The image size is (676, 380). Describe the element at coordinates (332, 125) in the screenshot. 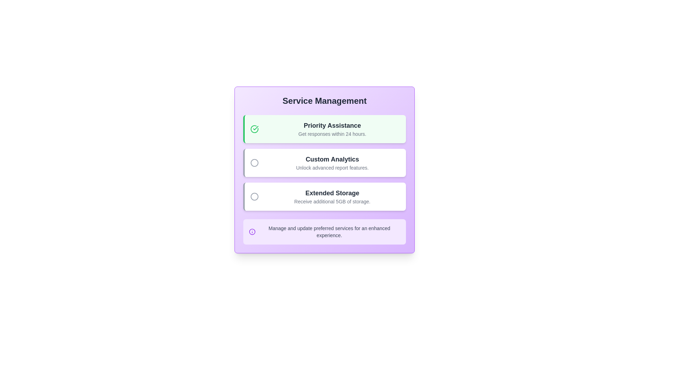

I see `the 'Priority Assistance' text label, which is displayed in a larger bold font and is dark gray, positioned above the text 'Get responses within 24 hours.'` at that location.